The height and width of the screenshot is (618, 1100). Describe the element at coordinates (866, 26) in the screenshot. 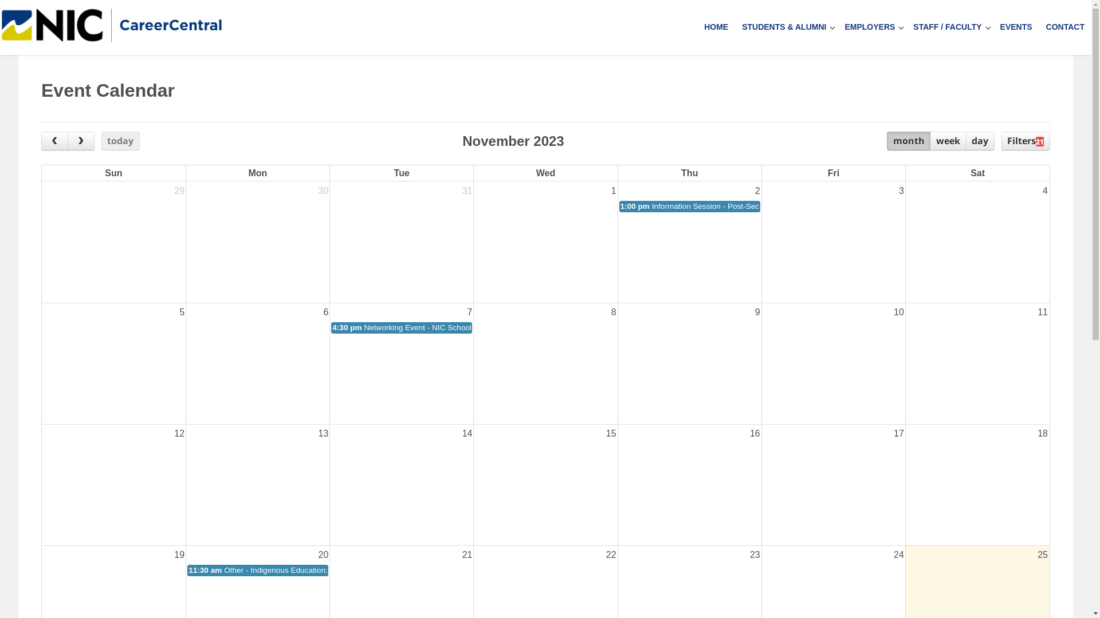

I see `'EMPLOYERS'` at that location.